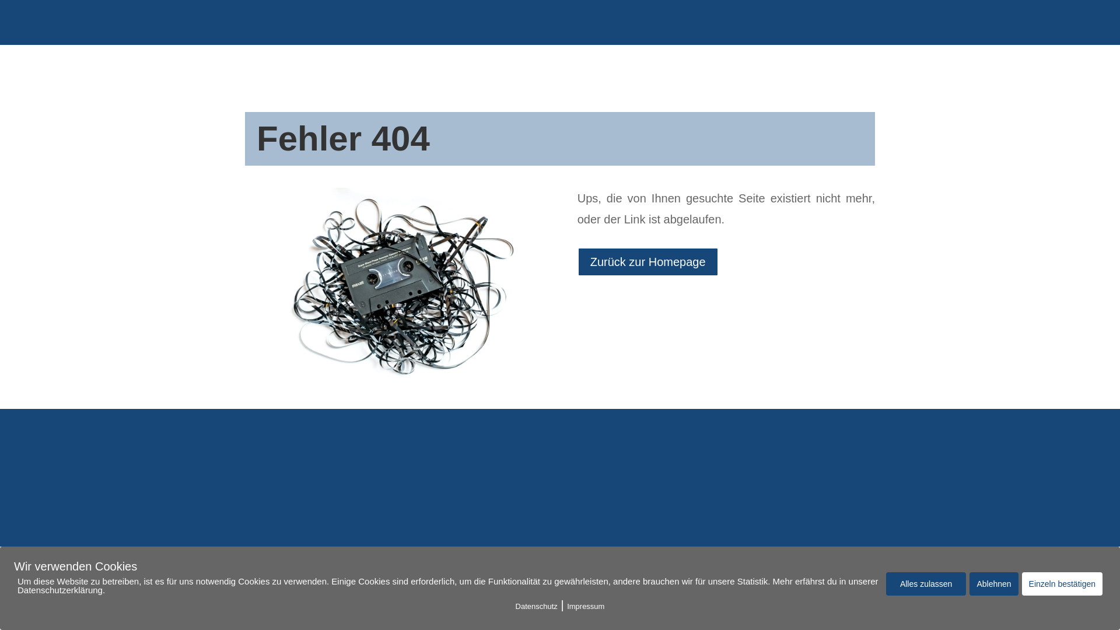 The height and width of the screenshot is (630, 1120). I want to click on 'Datenschutz', so click(536, 605).